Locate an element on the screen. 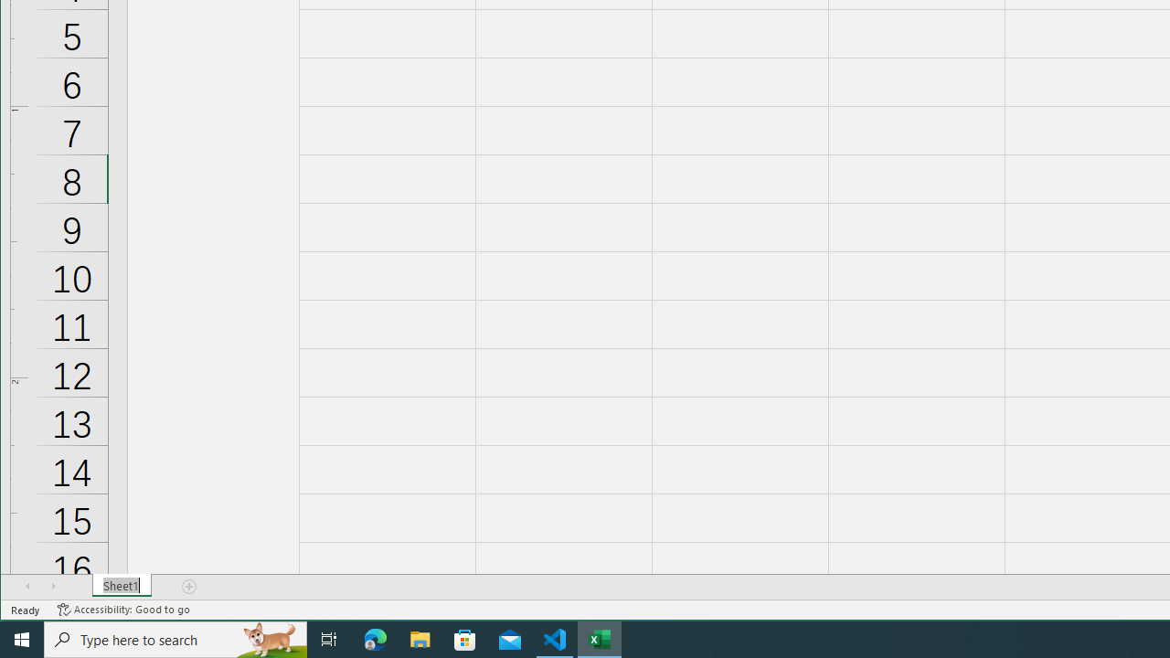 The image size is (1170, 658). 'Excel - 1 running window' is located at coordinates (600, 638).